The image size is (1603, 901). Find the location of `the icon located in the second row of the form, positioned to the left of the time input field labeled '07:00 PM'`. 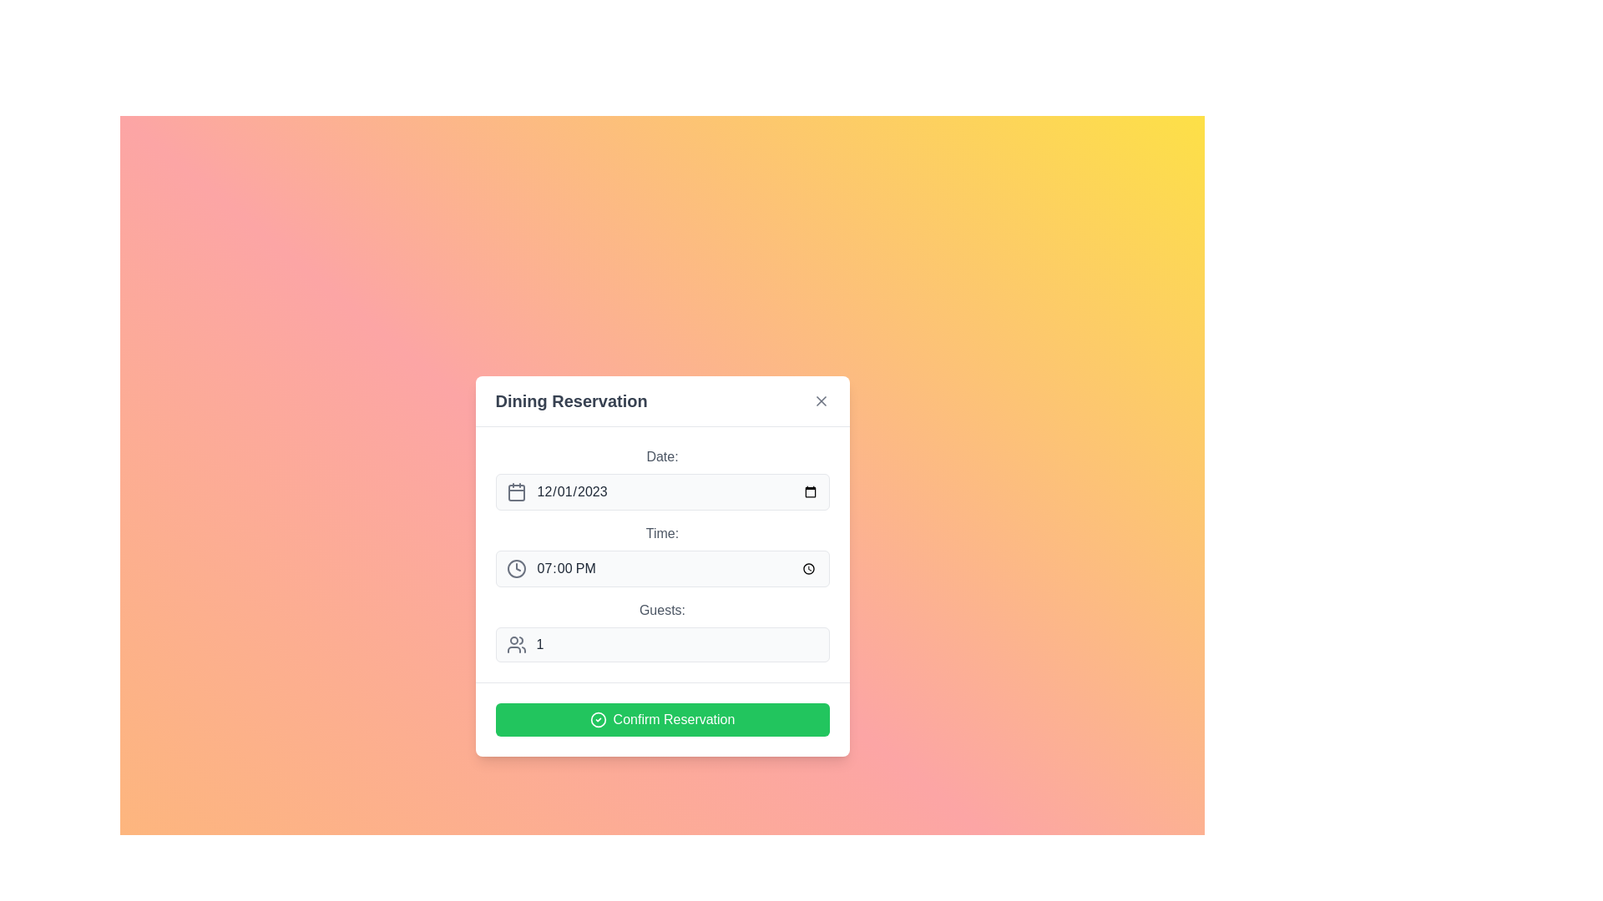

the icon located in the second row of the form, positioned to the left of the time input field labeled '07:00 PM' is located at coordinates (515, 568).